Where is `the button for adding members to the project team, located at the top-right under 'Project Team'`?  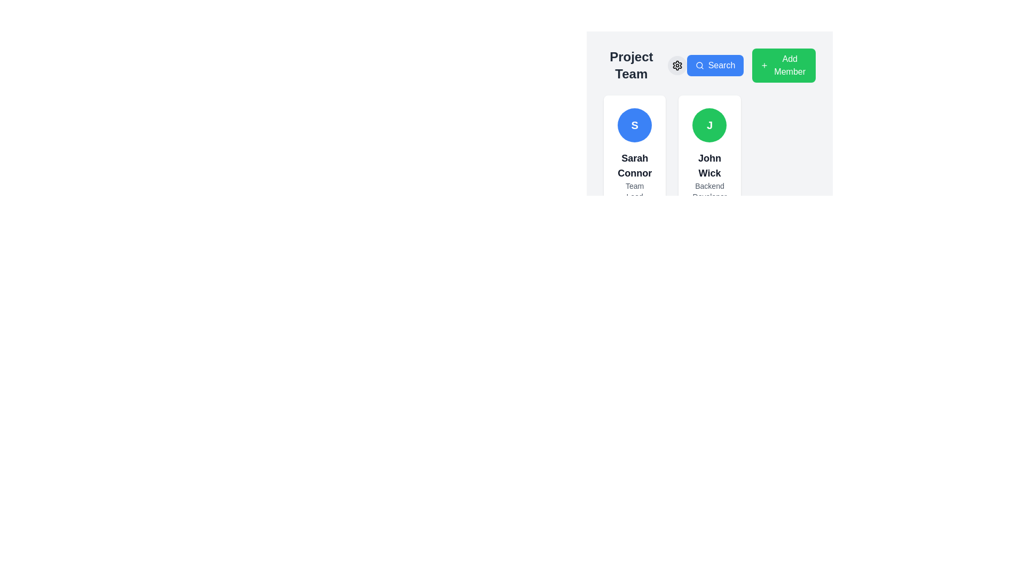 the button for adding members to the project team, located at the top-right under 'Project Team' is located at coordinates (751, 66).